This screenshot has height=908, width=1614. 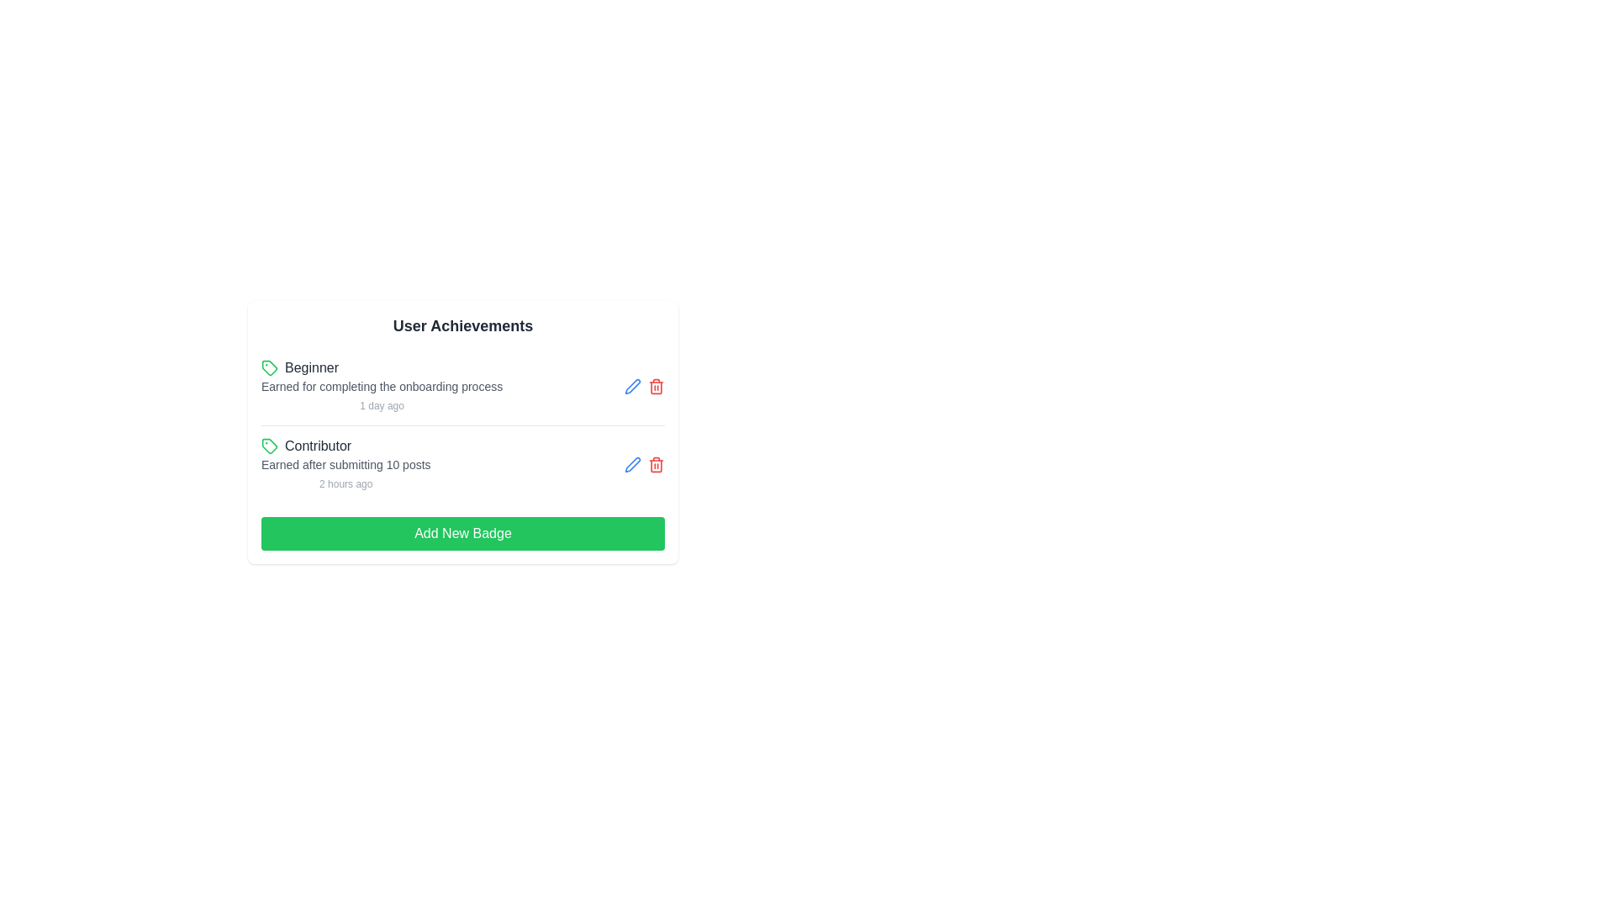 What do you see at coordinates (656, 386) in the screenshot?
I see `the delete button located to the far right of the action icons for the row entry labeled 'Contributor'` at bounding box center [656, 386].